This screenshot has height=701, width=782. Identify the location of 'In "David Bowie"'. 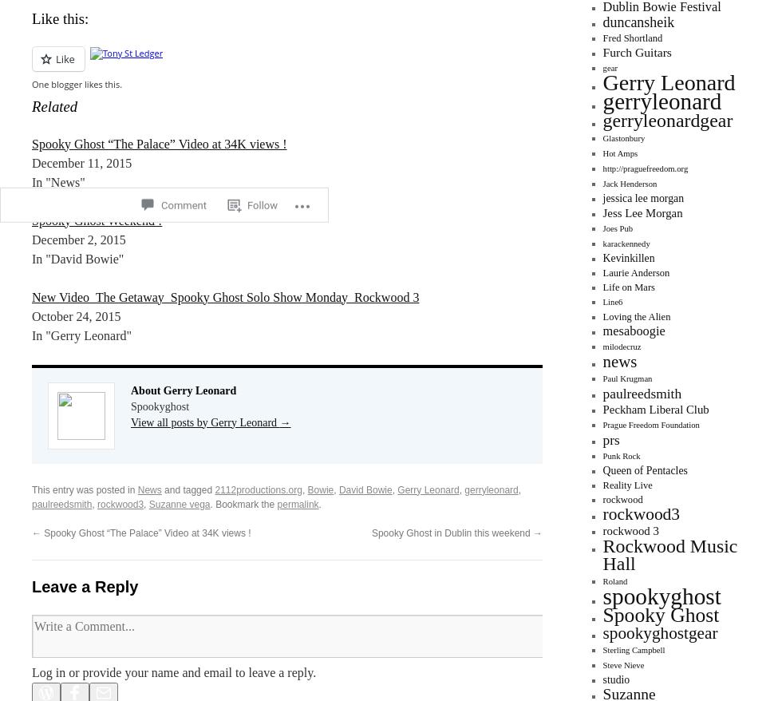
(77, 258).